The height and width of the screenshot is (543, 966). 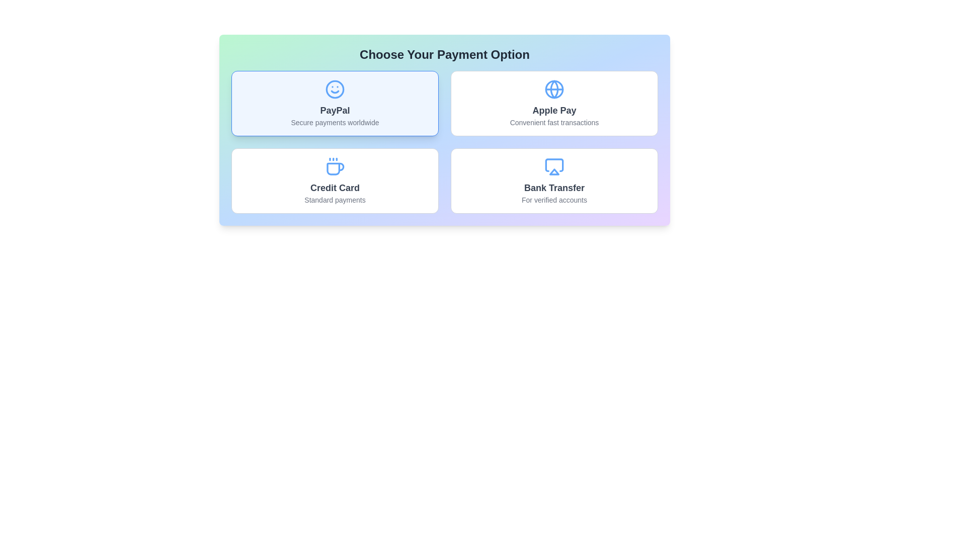 What do you see at coordinates (554, 88) in the screenshot?
I see `the Apple Pay icon located in the top-right card that visually represents the 'Apple Pay' payment method, situated above the text 'Apple Pay' and 'Convenient fast transactions'` at bounding box center [554, 88].